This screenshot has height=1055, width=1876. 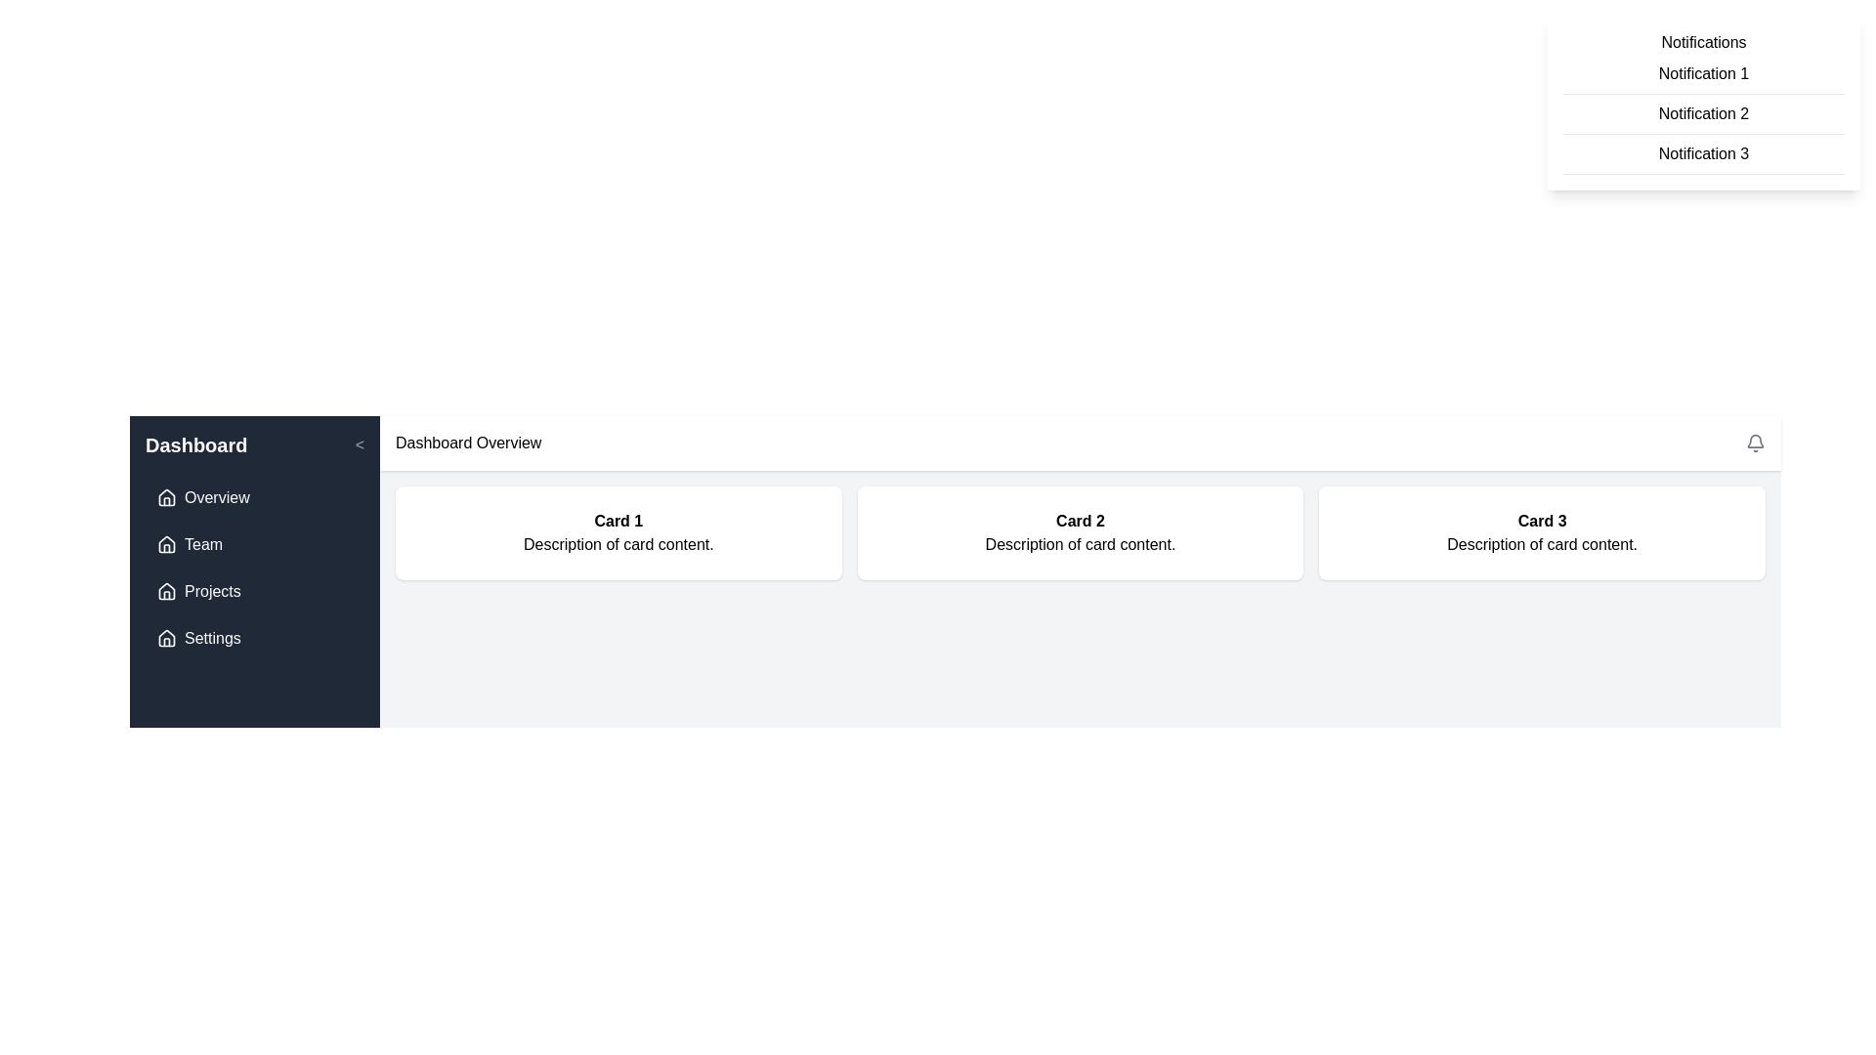 What do you see at coordinates (1755, 441) in the screenshot?
I see `the main body of the bell icon located at the top-right corner of the interface, which indicates notifications` at bounding box center [1755, 441].